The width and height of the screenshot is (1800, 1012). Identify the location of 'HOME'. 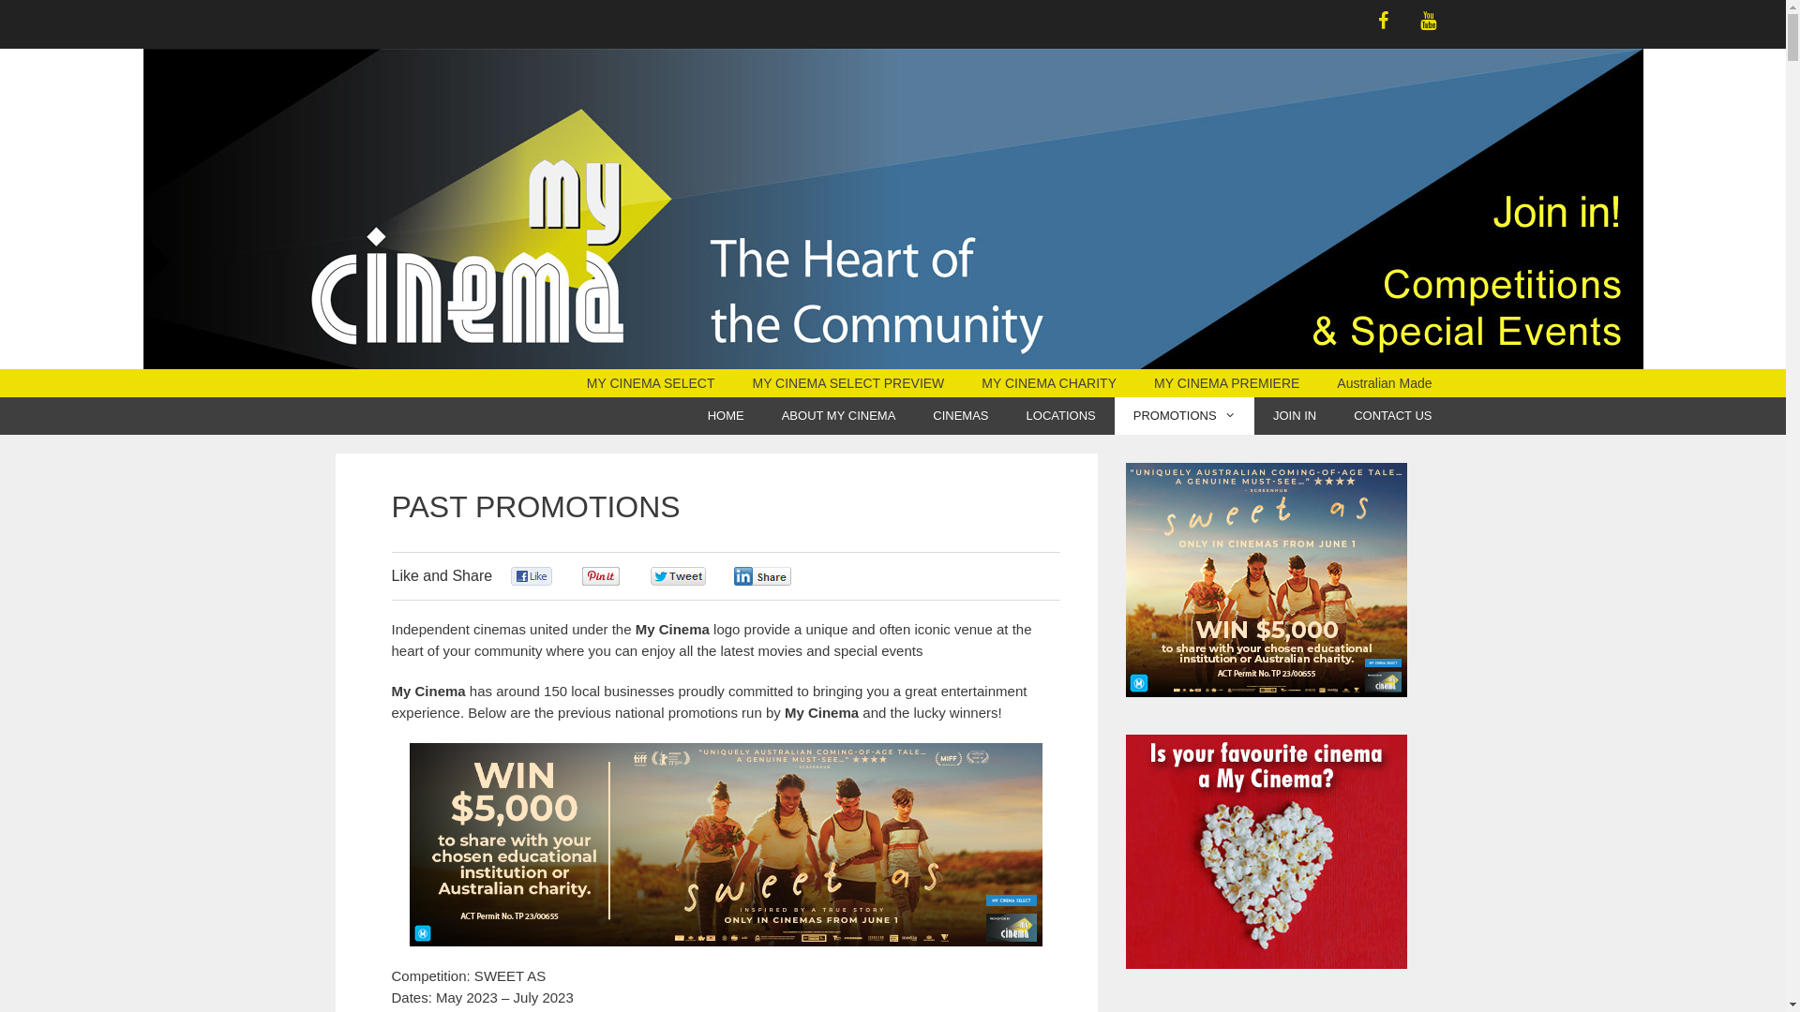
(725, 414).